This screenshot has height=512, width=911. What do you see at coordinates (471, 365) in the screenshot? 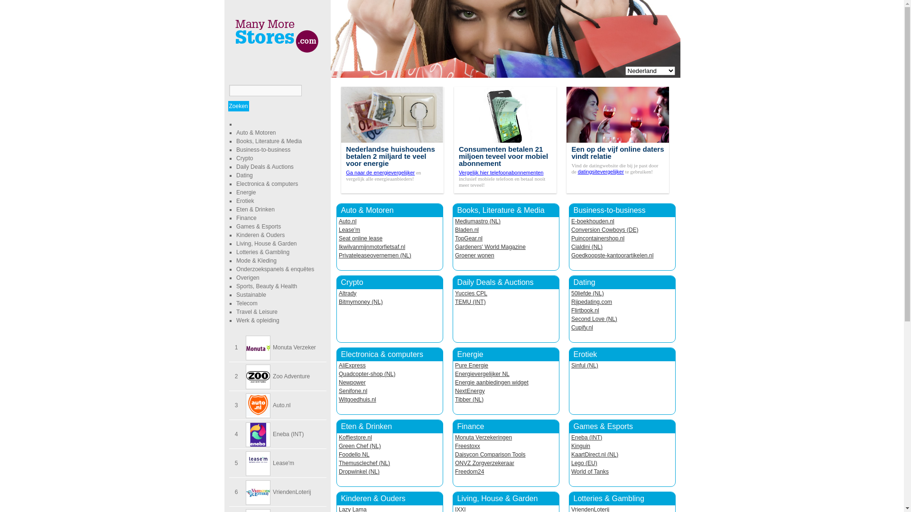
I see `'Pure Energie'` at bounding box center [471, 365].